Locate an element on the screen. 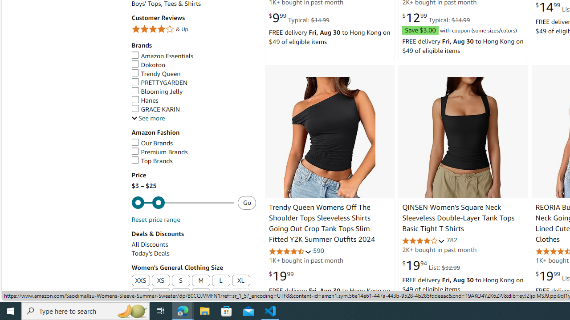 The image size is (570, 320). '$19.94 List: $32.99' is located at coordinates (431, 264).